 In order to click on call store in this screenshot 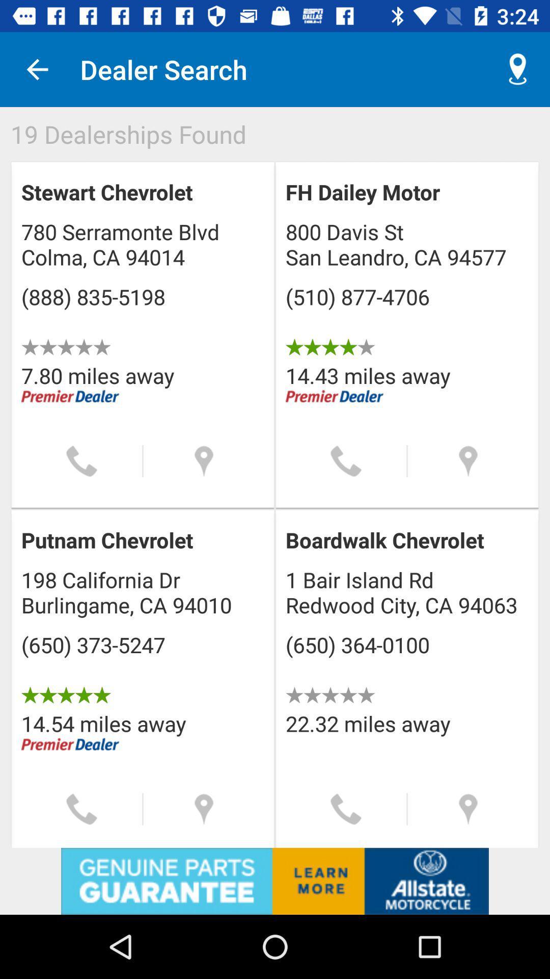, I will do `click(81, 809)`.